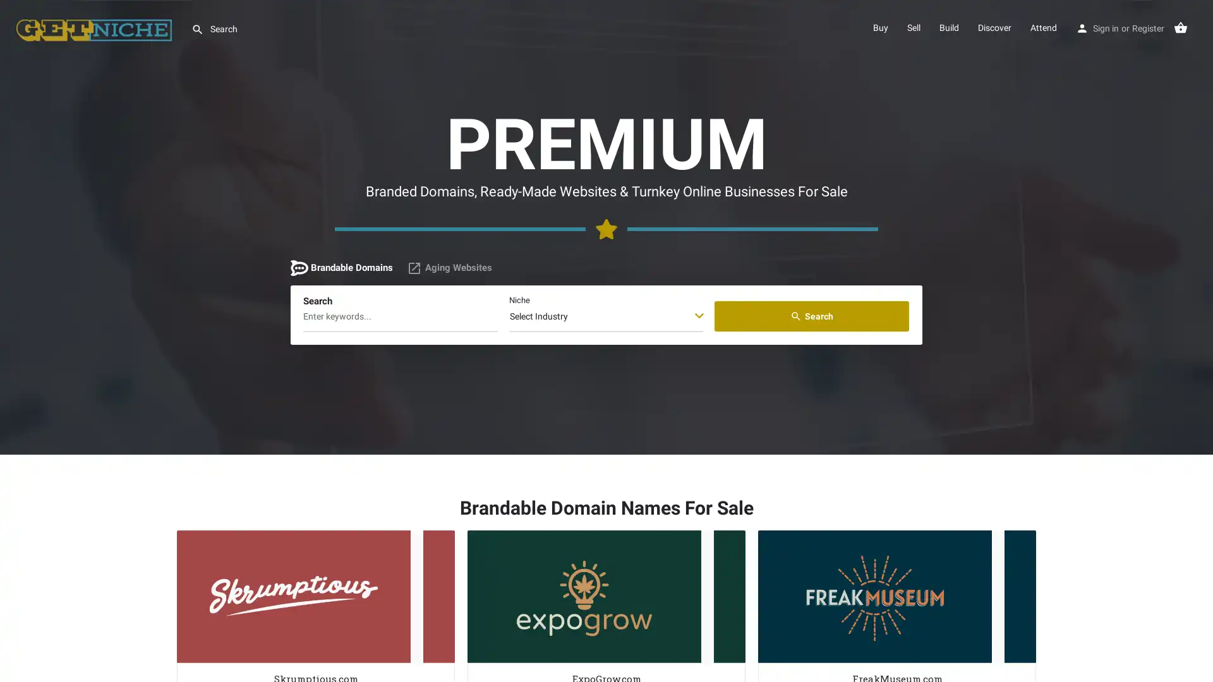 The image size is (1213, 682). What do you see at coordinates (812, 316) in the screenshot?
I see `search Search` at bounding box center [812, 316].